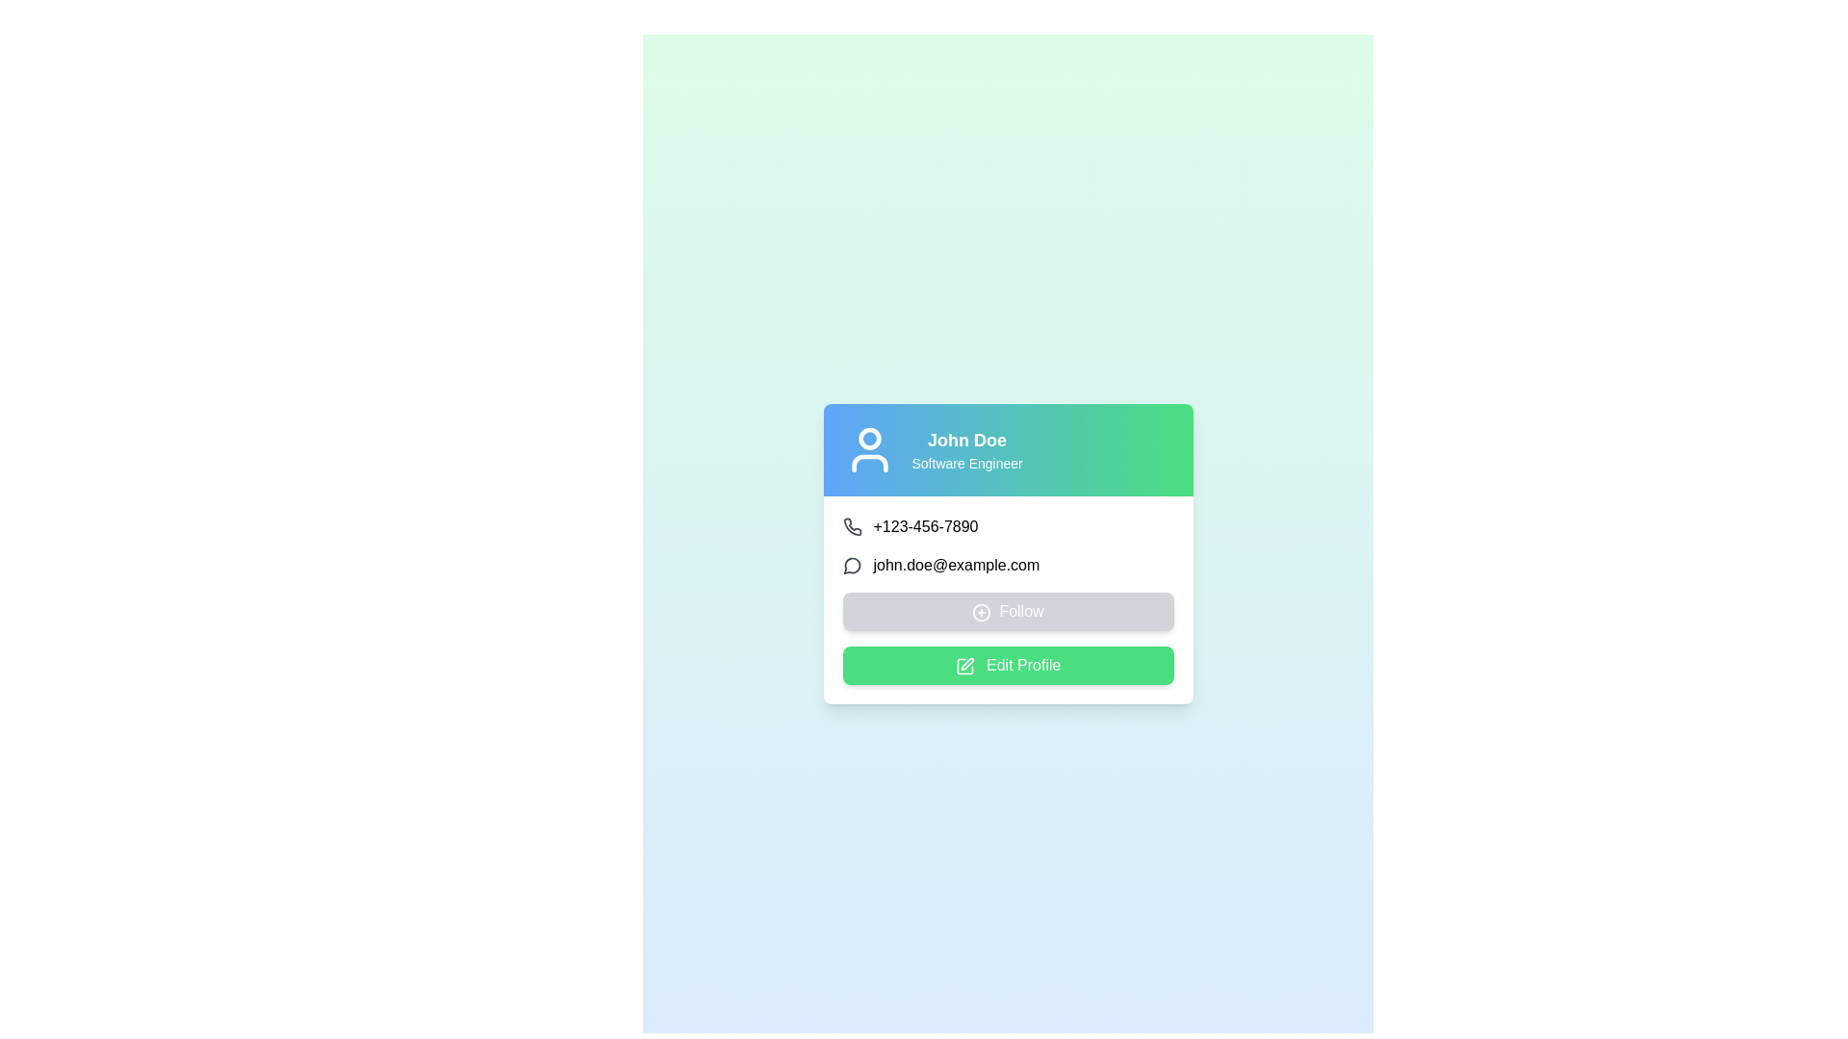 The image size is (1848, 1039). I want to click on the 'Follow' button with a light gray background and rounded corners, which is located below the email address and above the 'Edit Profile' button to possibly access a tooltip or further action, so click(1007, 599).